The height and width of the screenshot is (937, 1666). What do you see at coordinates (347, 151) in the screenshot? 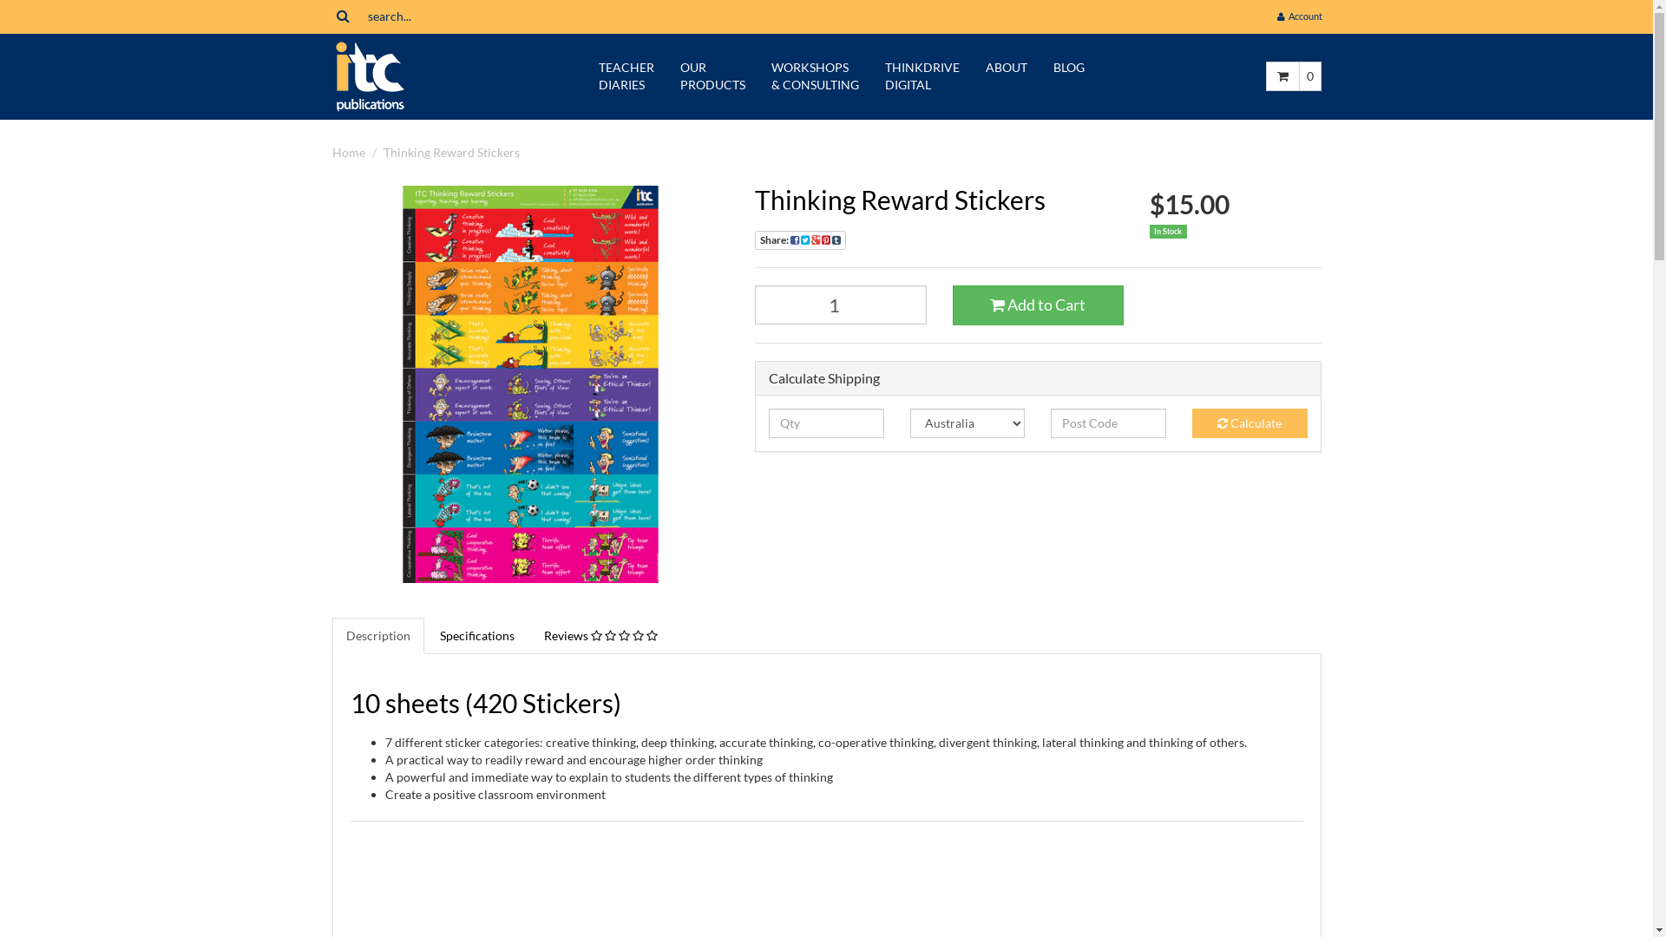
I see `'Home'` at bounding box center [347, 151].